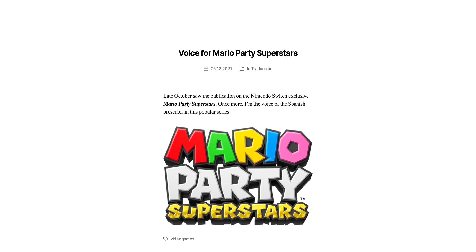  I want to click on 'nintendo switch', so click(240, 239).